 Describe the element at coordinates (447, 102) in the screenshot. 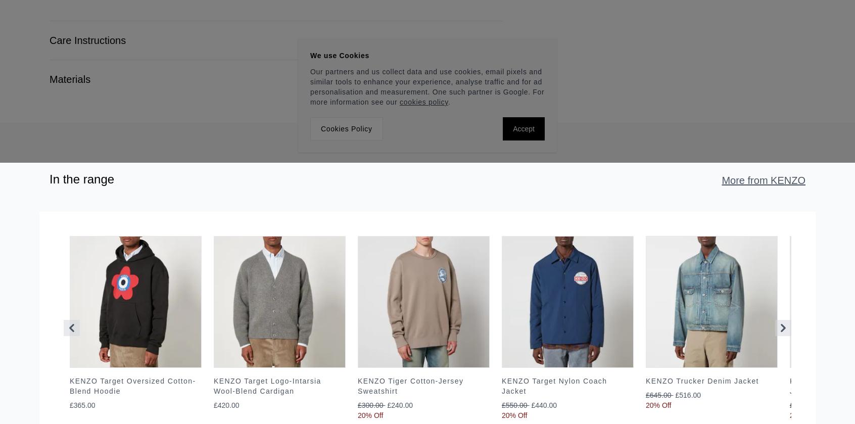

I see `'.'` at that location.